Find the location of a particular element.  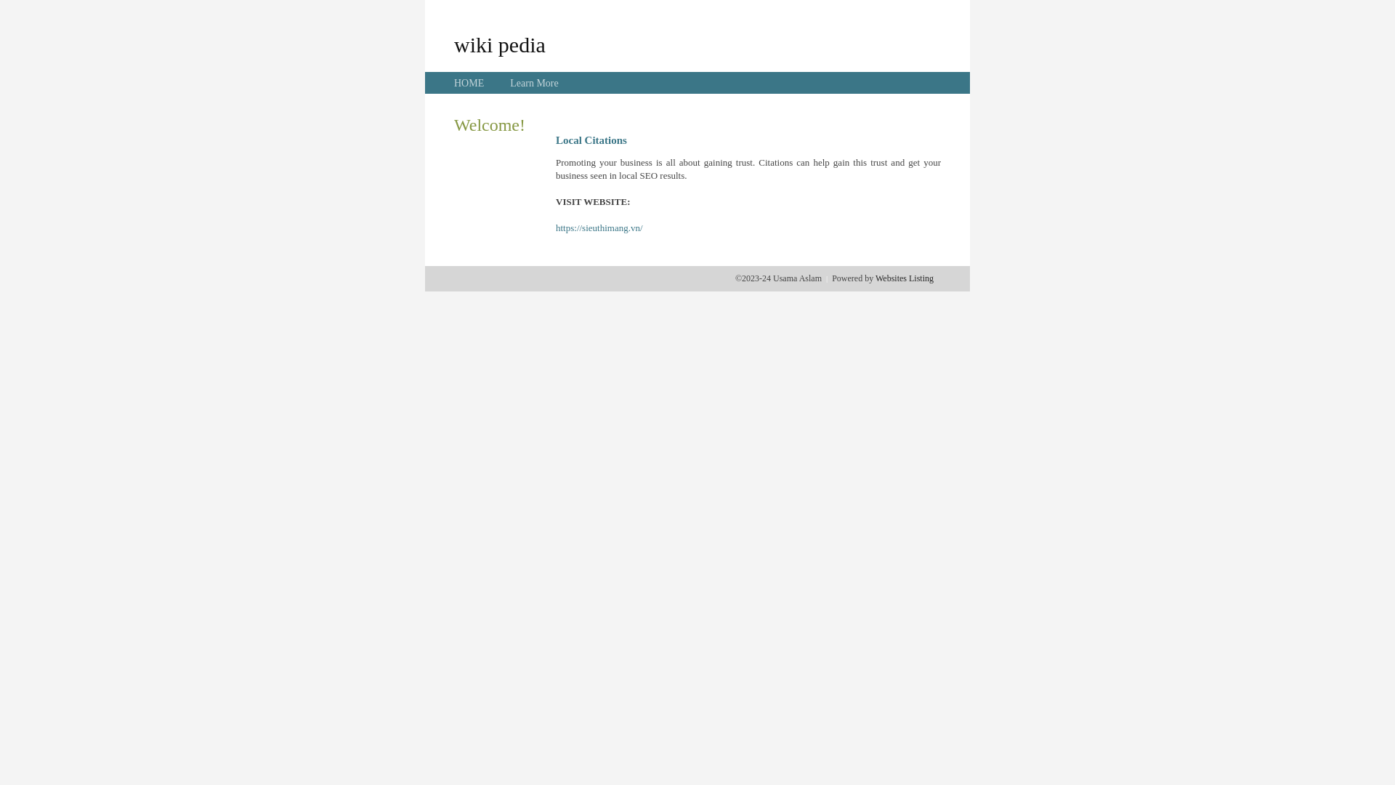

'Learn More' is located at coordinates (533, 83).